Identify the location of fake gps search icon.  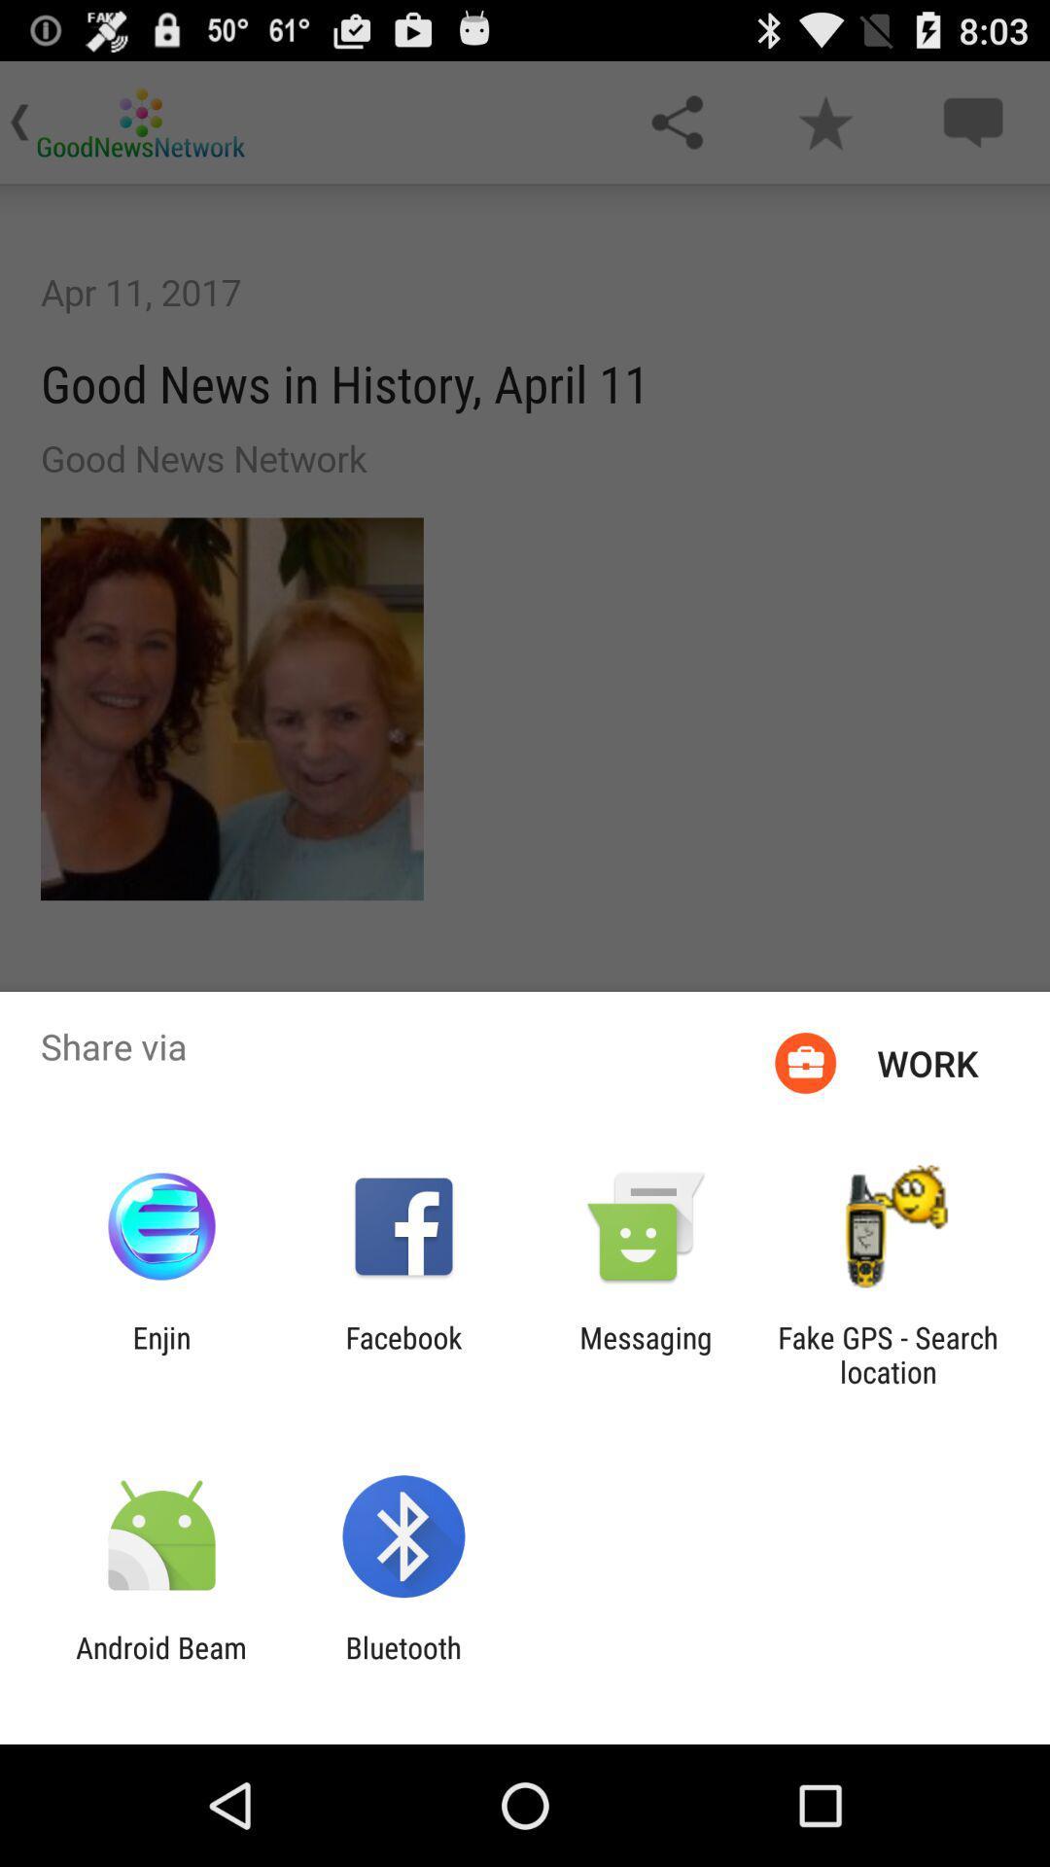
(888, 1354).